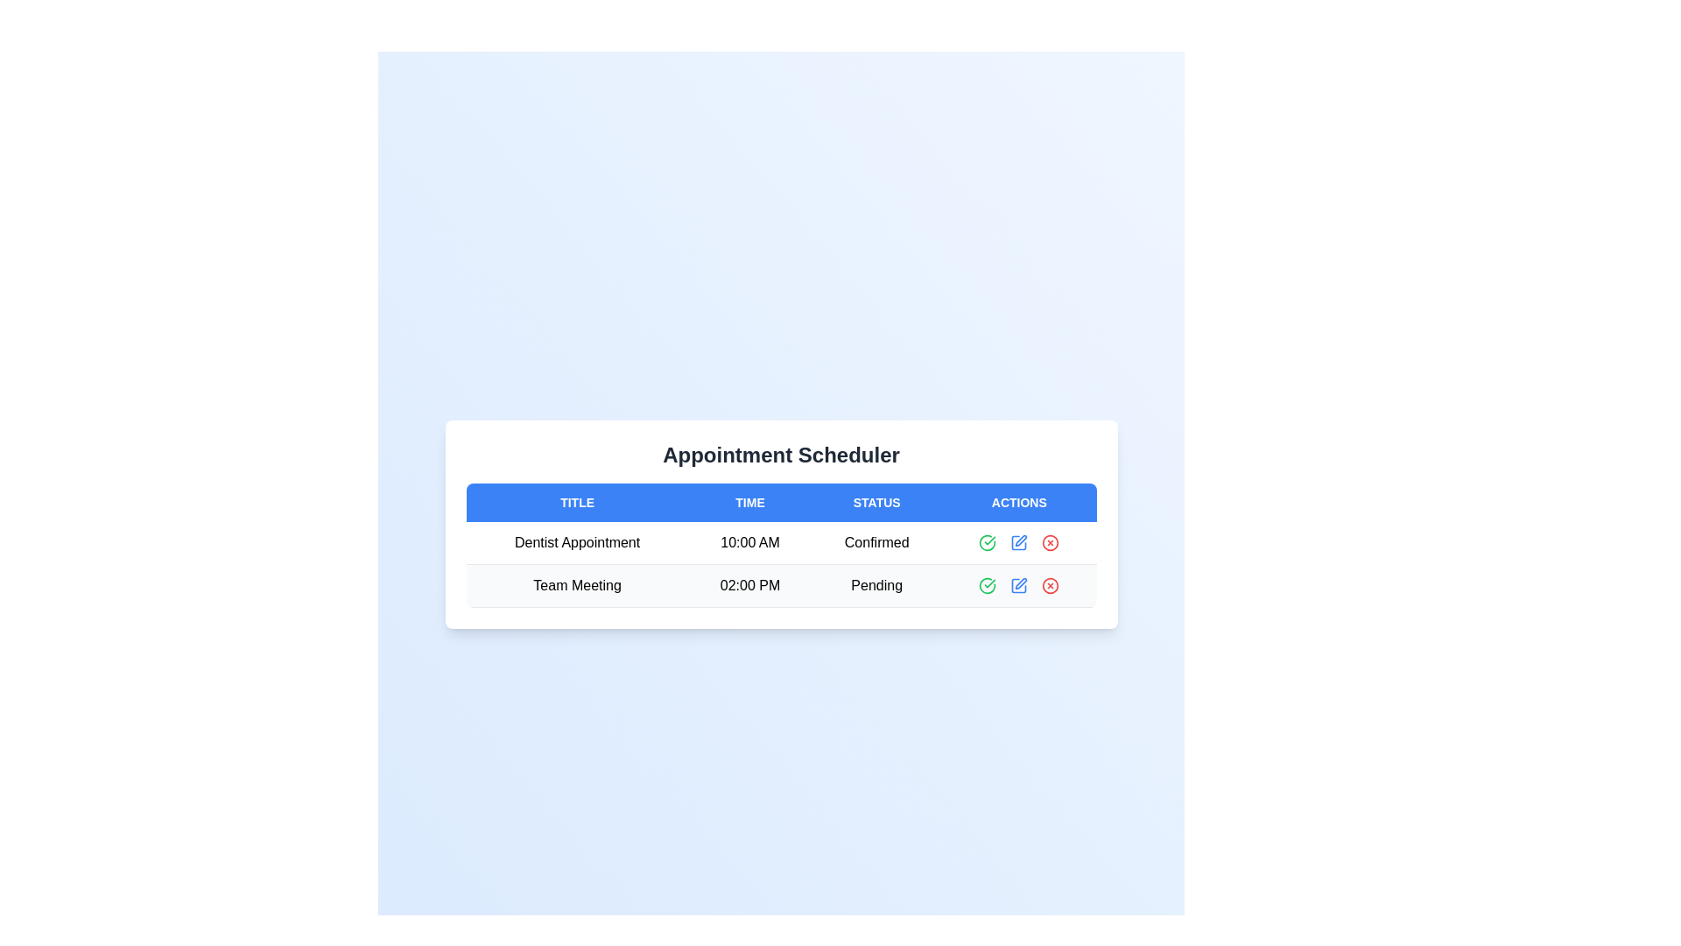  I want to click on the green circular Interactive Icon with a checkmark symbol located in the 'Actions' column for the 'Dentist Appointment' entry, so click(988, 585).